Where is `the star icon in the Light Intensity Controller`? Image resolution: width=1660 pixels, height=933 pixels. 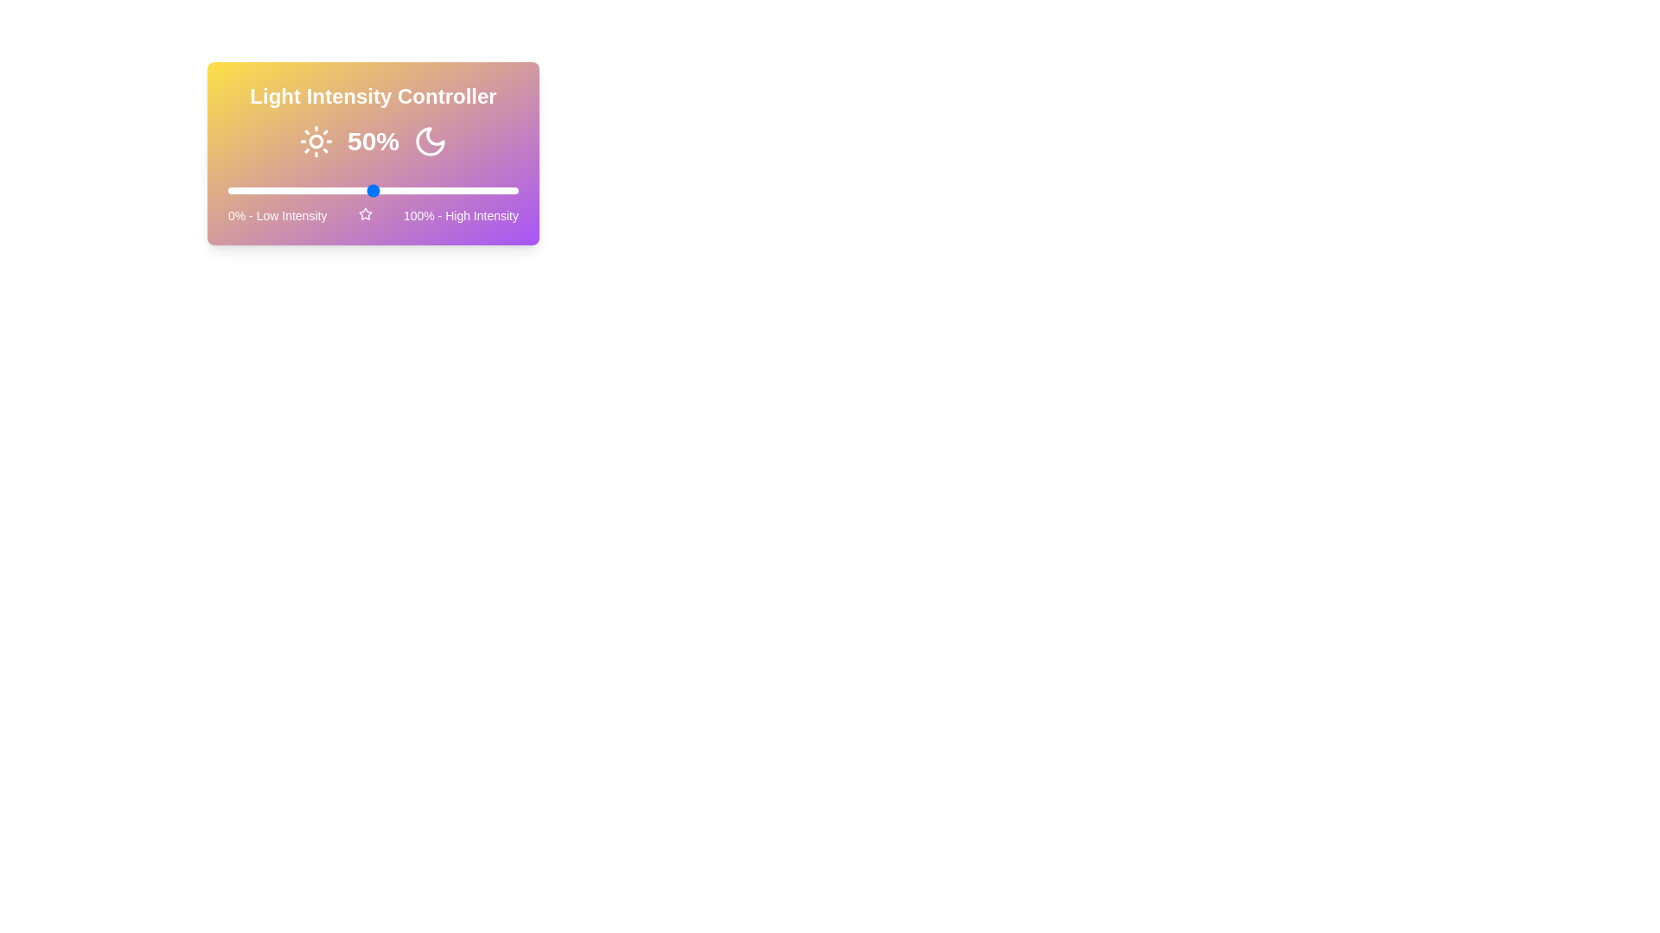
the star icon in the Light Intensity Controller is located at coordinates (364, 213).